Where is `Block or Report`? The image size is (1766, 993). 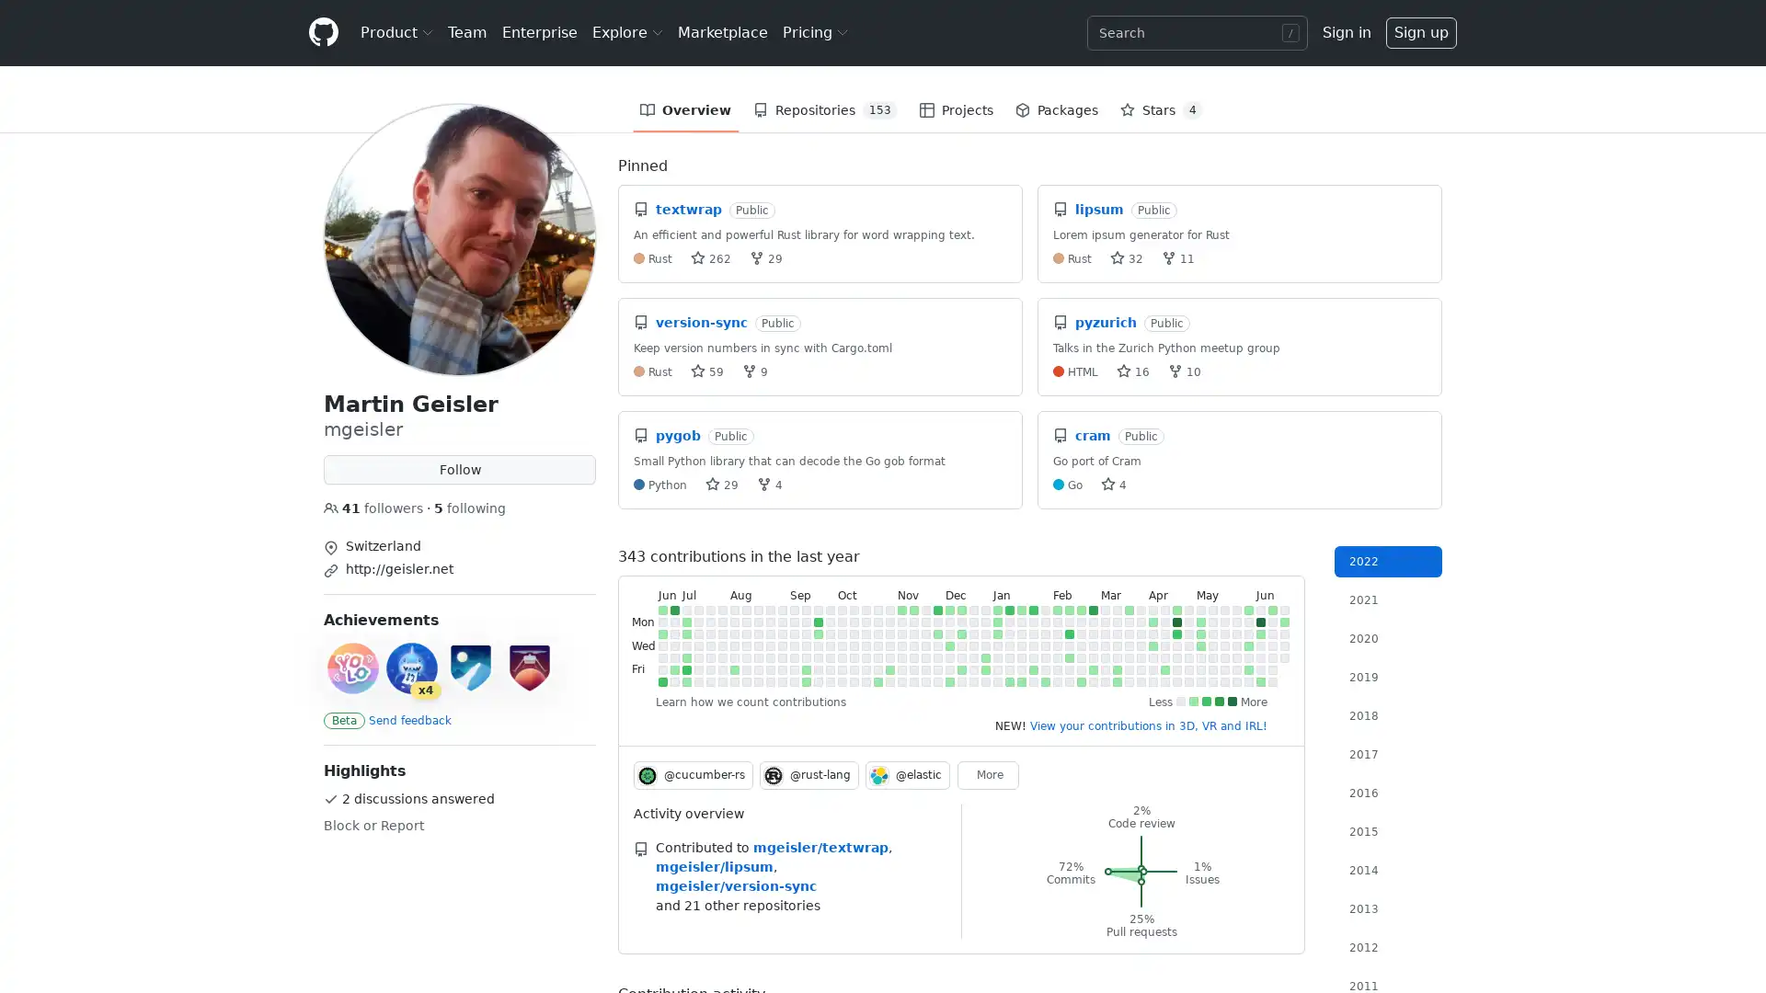
Block or Report is located at coordinates (373, 825).